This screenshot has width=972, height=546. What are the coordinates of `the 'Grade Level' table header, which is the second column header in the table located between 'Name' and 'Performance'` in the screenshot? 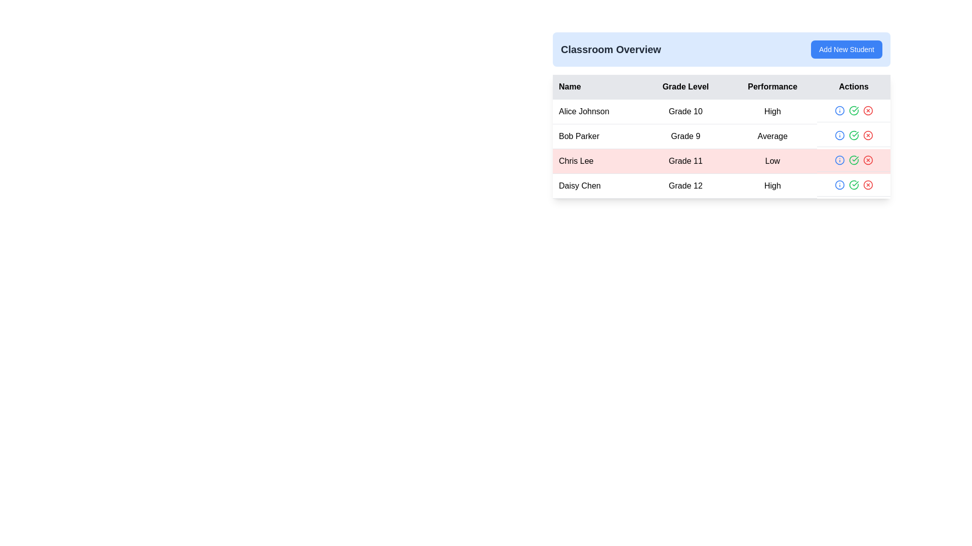 It's located at (685, 86).